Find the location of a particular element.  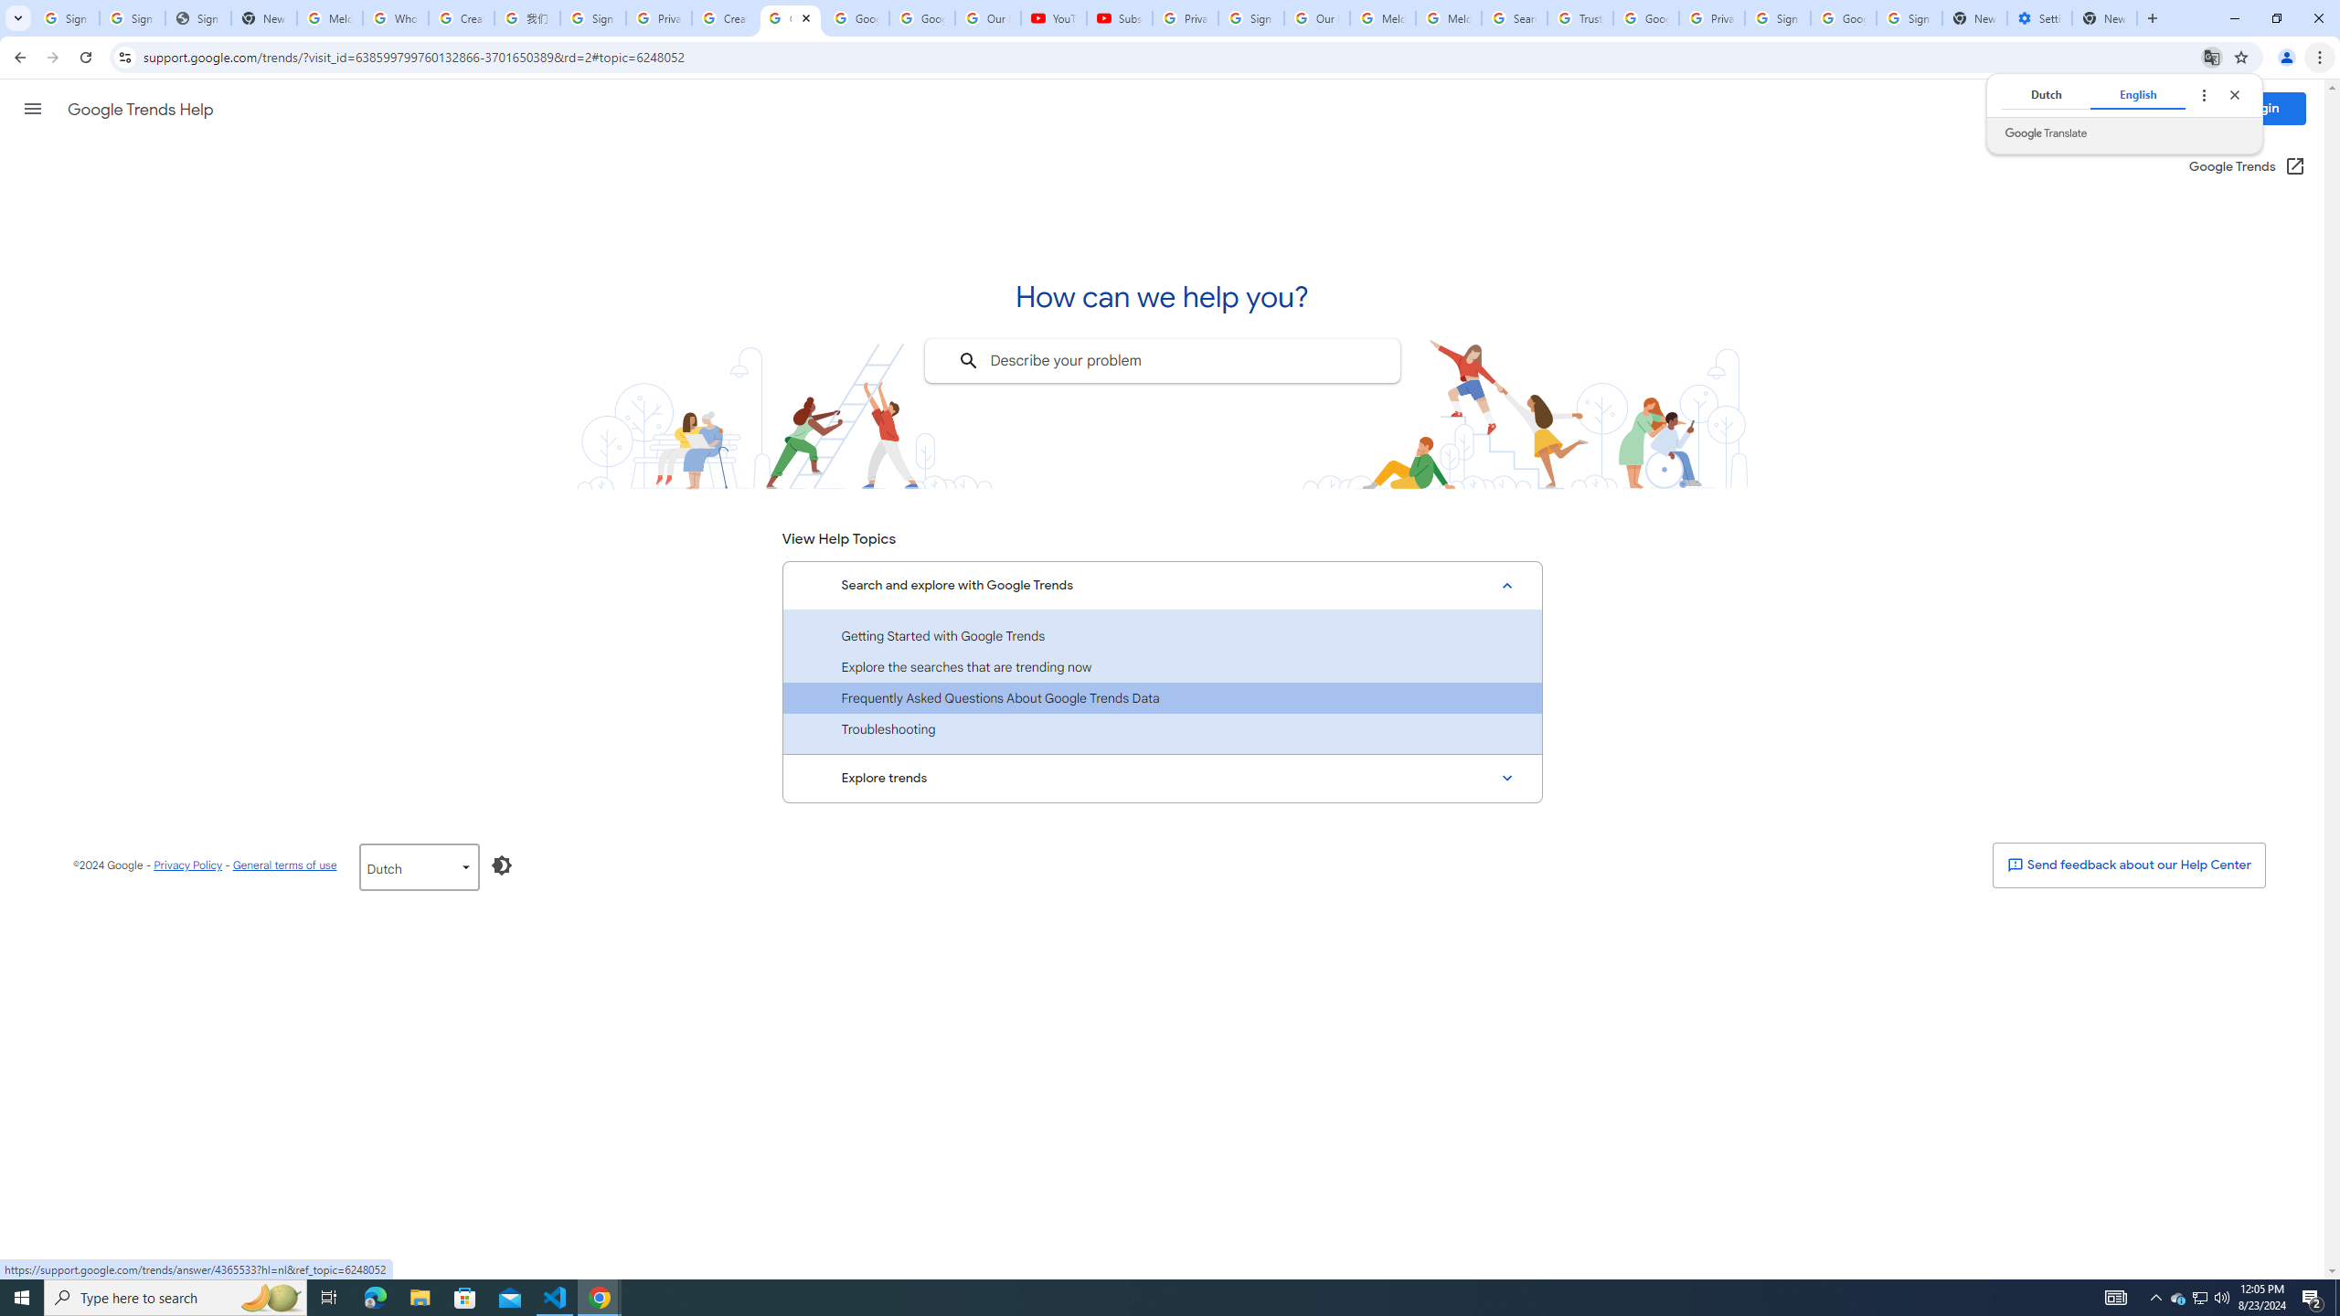

'Google Cybersecurity Innovations - Google Safety Center' is located at coordinates (1842, 17).